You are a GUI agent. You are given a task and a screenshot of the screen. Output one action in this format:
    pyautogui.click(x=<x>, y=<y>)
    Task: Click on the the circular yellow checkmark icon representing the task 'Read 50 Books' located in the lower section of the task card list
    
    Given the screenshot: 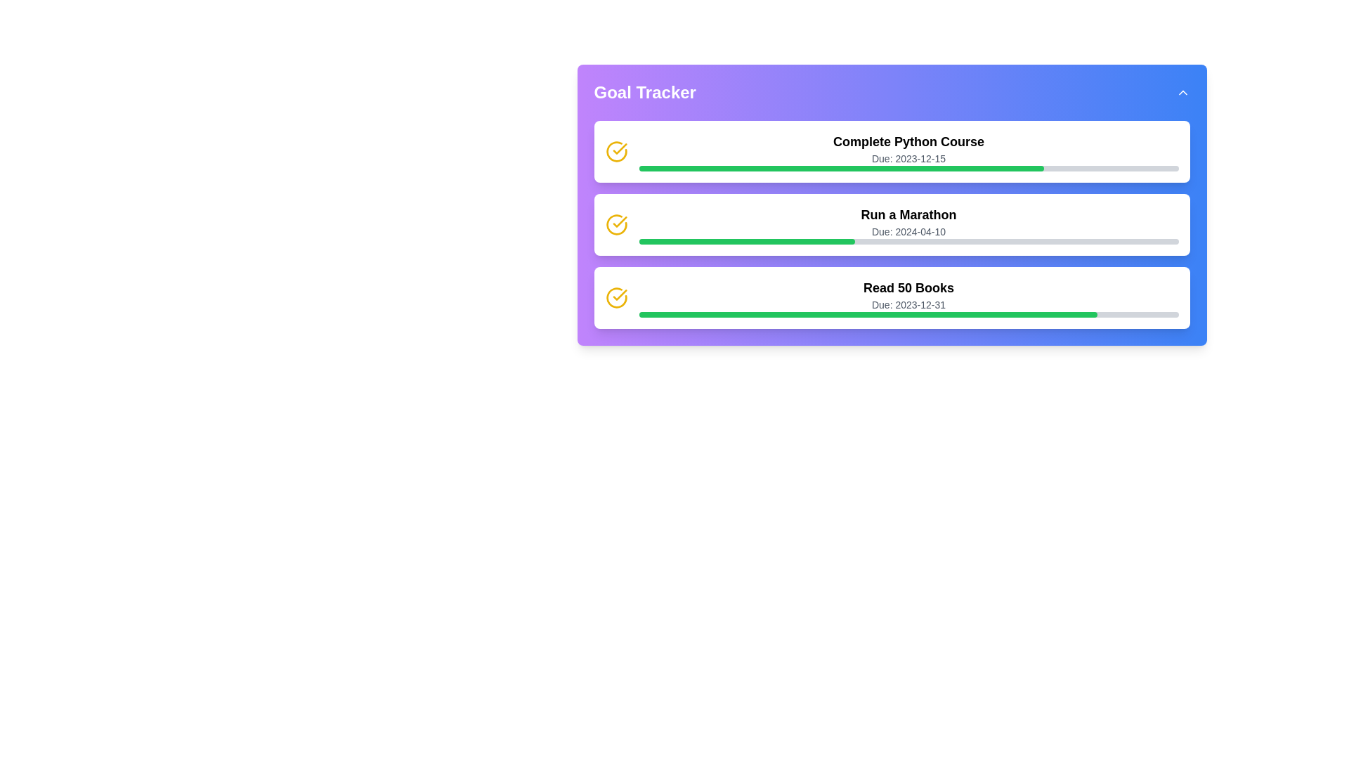 What is the action you would take?
    pyautogui.click(x=616, y=297)
    